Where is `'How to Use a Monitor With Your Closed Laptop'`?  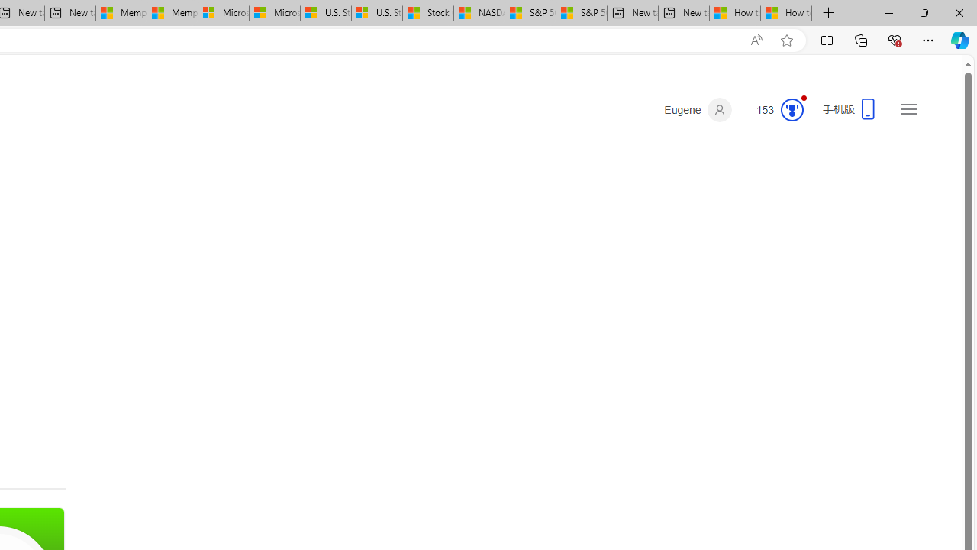
'How to Use a Monitor With Your Closed Laptop' is located at coordinates (786, 13).